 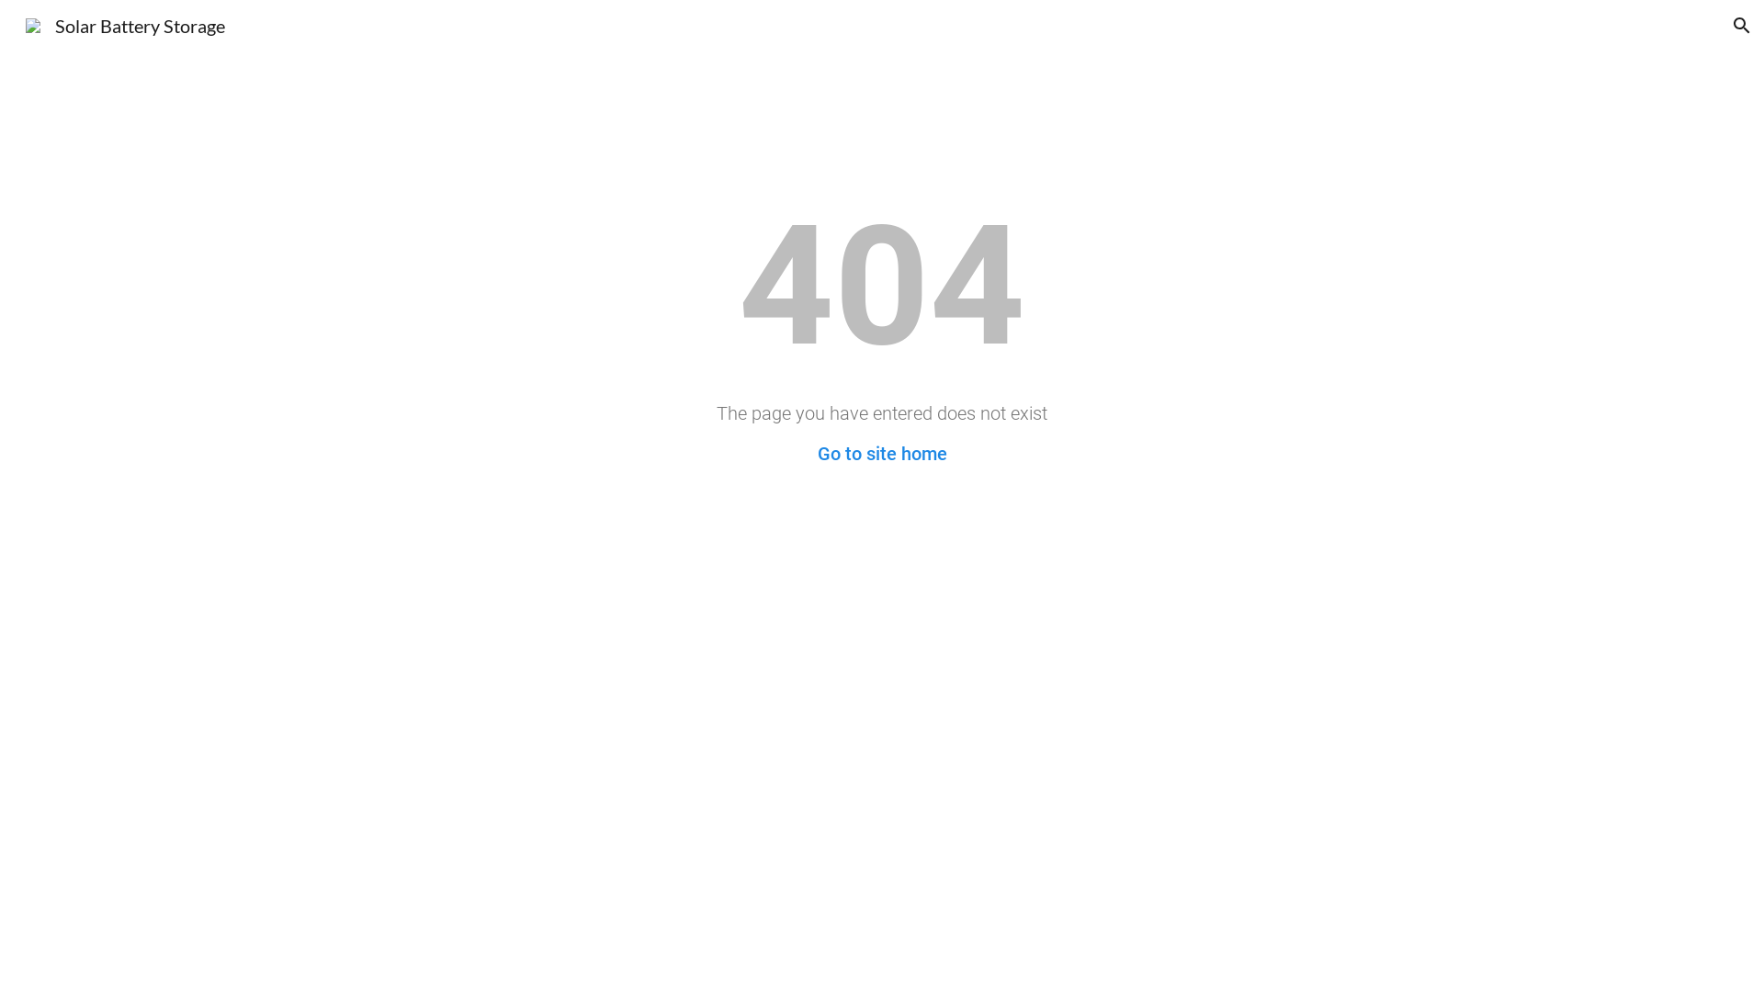 I want to click on 'Go to site home', so click(x=816, y=453).